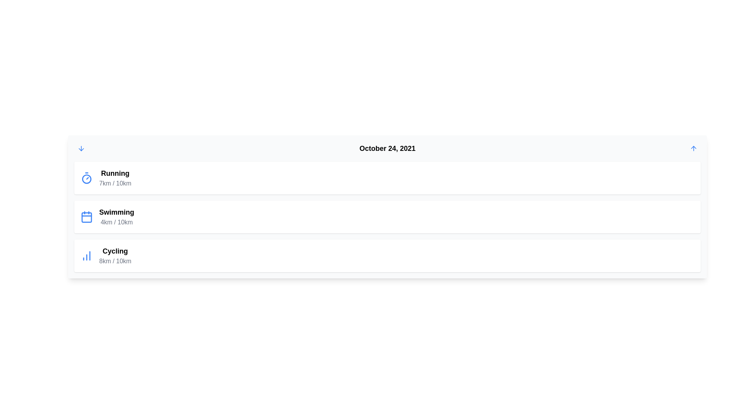 Image resolution: width=747 pixels, height=420 pixels. Describe the element at coordinates (81, 148) in the screenshot. I see `the button located in the top-left corner of the section labeled 'October 24, 2021'` at that location.